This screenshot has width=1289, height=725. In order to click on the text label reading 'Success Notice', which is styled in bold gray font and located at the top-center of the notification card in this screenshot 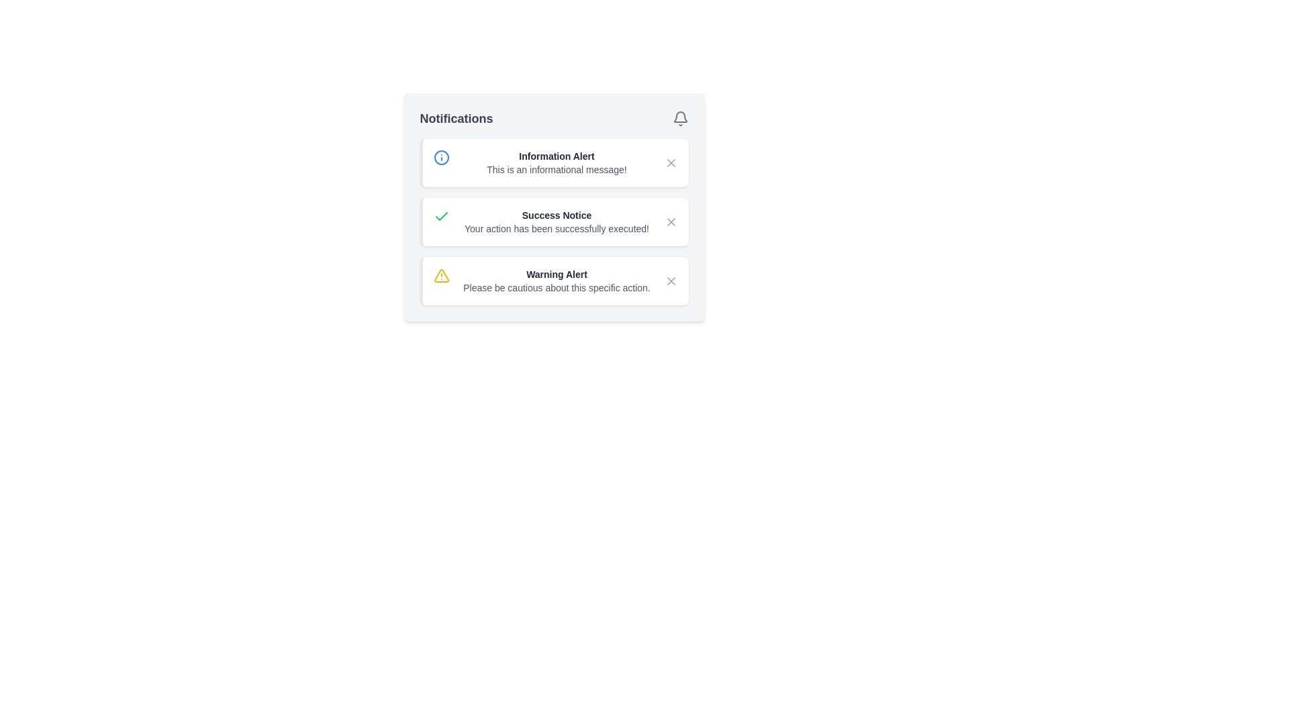, I will do `click(557, 214)`.